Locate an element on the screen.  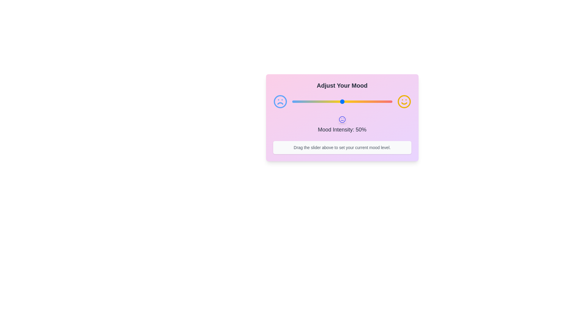
the frown icon to observe visual effects is located at coordinates (280, 101).